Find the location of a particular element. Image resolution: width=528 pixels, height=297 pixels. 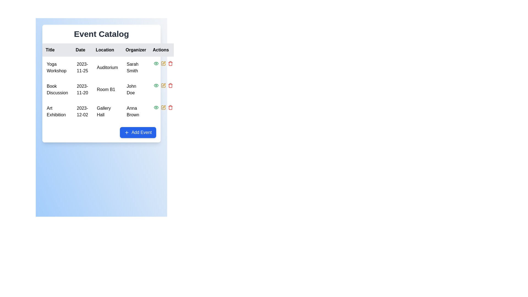

the edit icon in the Actions column for the first row of the Event Catalog is located at coordinates (163, 63).